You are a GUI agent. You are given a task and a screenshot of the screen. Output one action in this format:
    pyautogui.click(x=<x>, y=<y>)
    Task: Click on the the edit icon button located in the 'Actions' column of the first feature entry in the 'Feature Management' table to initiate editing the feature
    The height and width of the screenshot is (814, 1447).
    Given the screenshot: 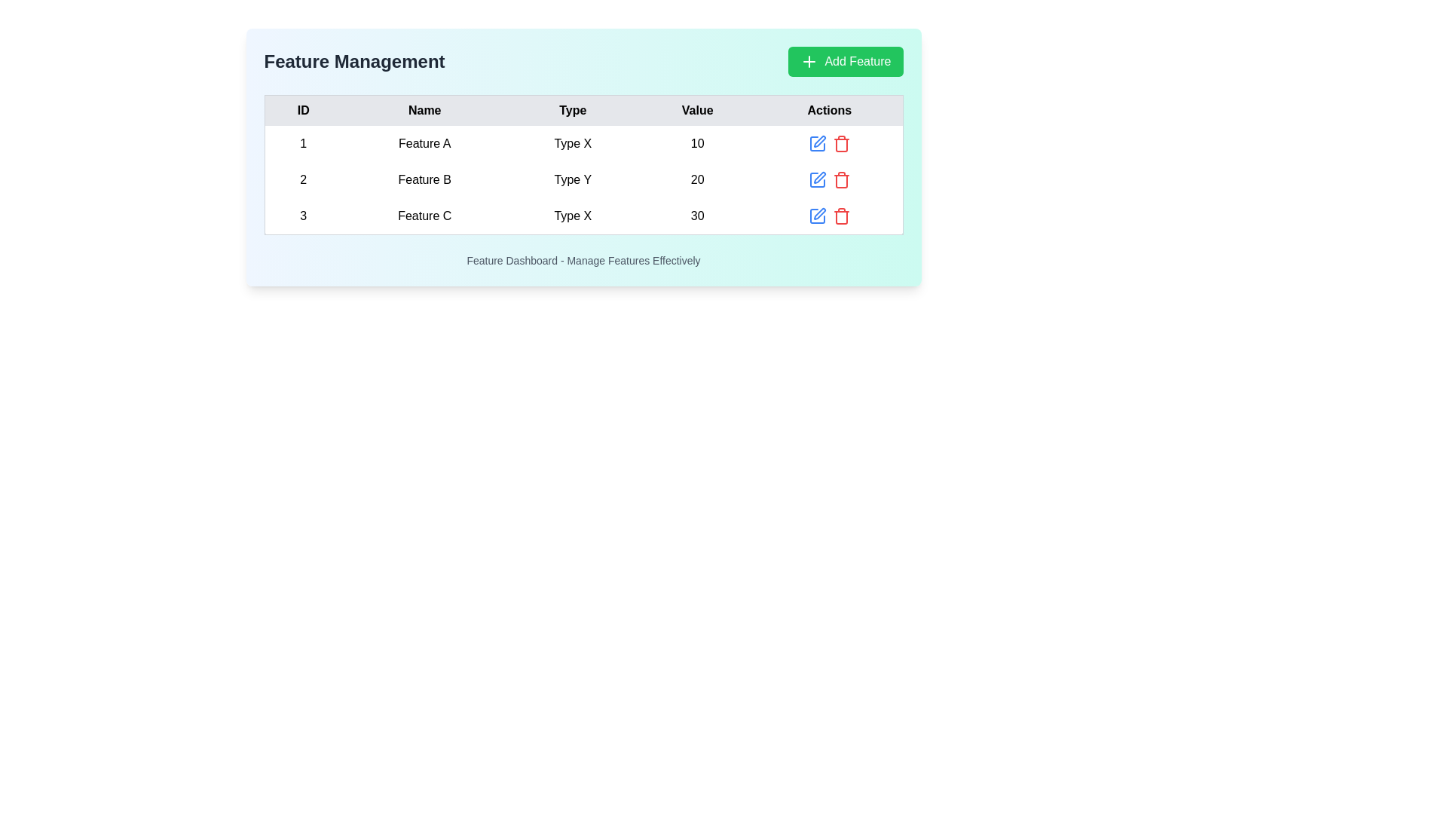 What is the action you would take?
    pyautogui.click(x=818, y=142)
    